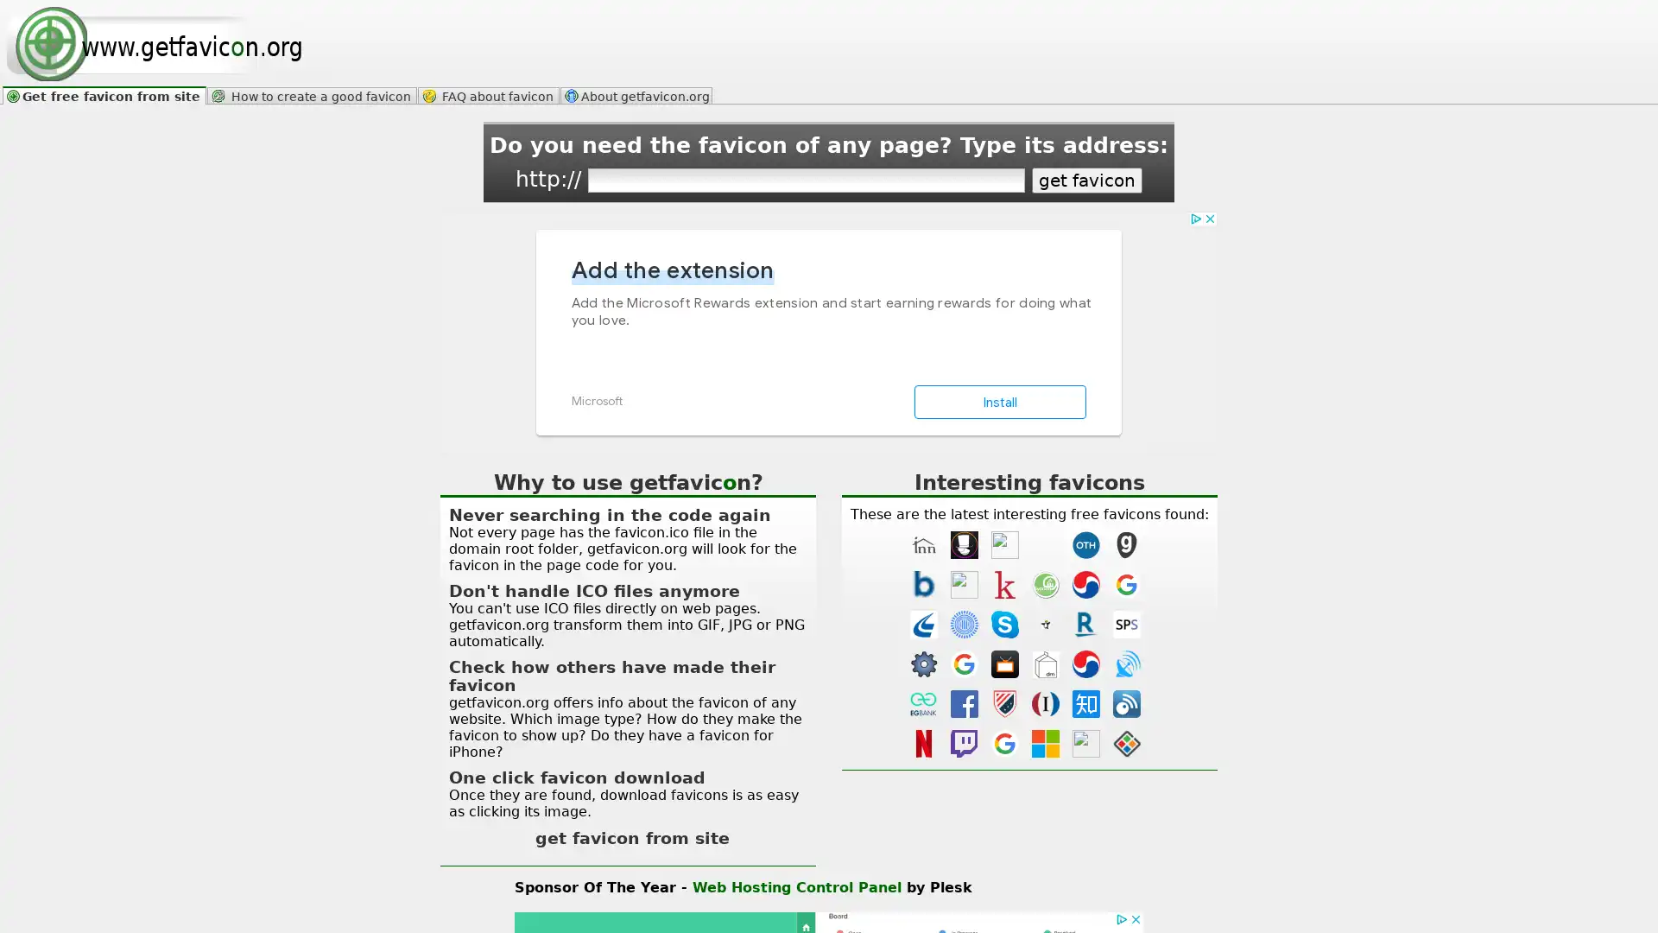 This screenshot has width=1658, height=933. Describe the element at coordinates (1085, 180) in the screenshot. I see `get favicon` at that location.